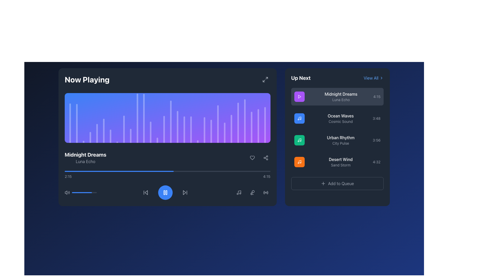  What do you see at coordinates (204, 130) in the screenshot?
I see `the 20th vertical equalizer bar, which is white and semitransparent, located toward the center of the player section on the left pane of the interface` at bounding box center [204, 130].